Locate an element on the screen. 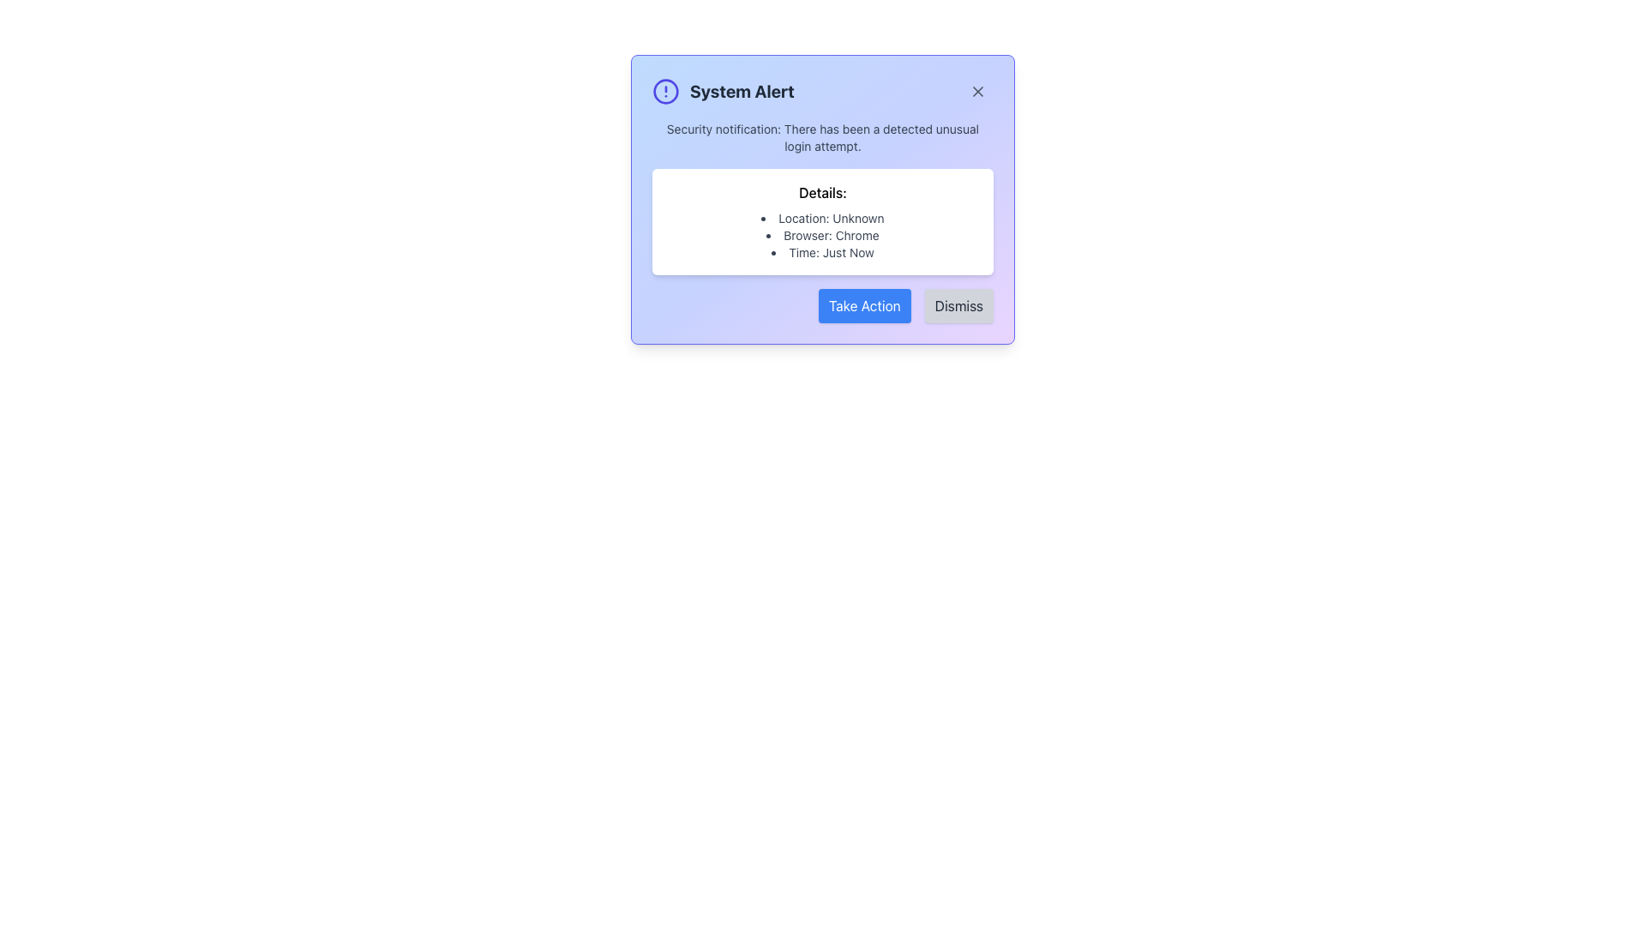  the close icon located at the top-right corner of the modal dialog box, adjacent to the title is located at coordinates (978, 92).